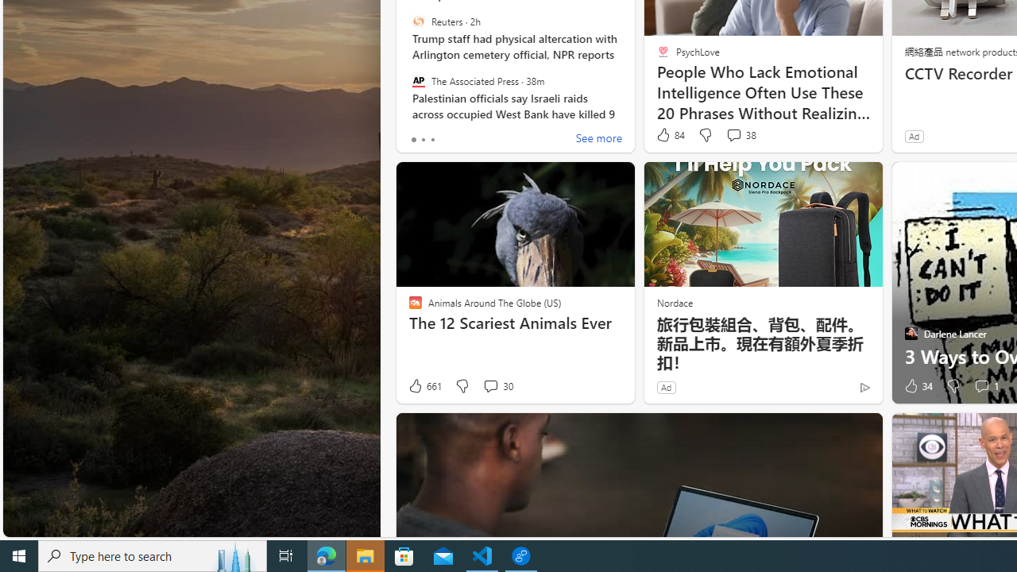  I want to click on 'See more', so click(597, 139).